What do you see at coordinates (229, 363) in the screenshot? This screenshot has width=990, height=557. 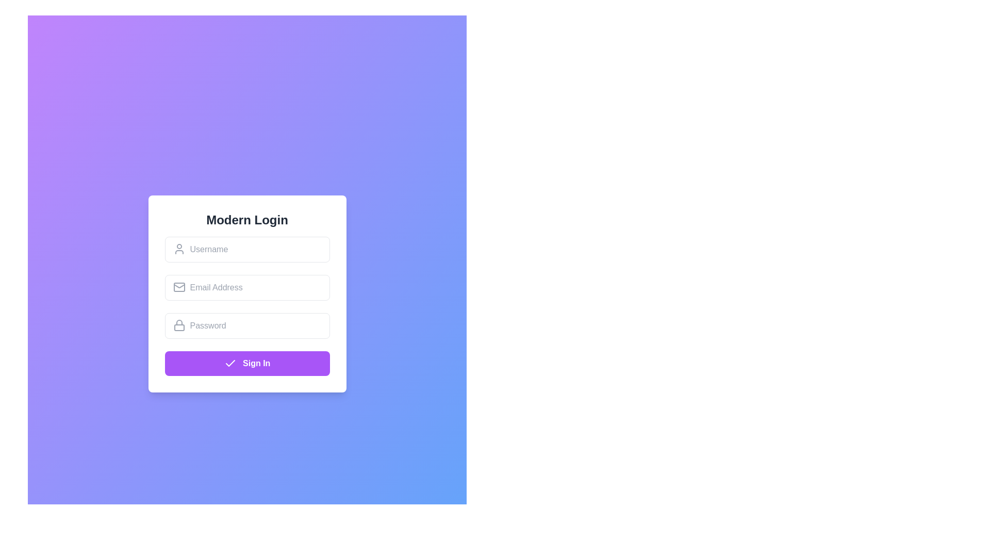 I see `the checkmark icon located inside the purple 'Sign In' button at the bottom of the login form` at bounding box center [229, 363].